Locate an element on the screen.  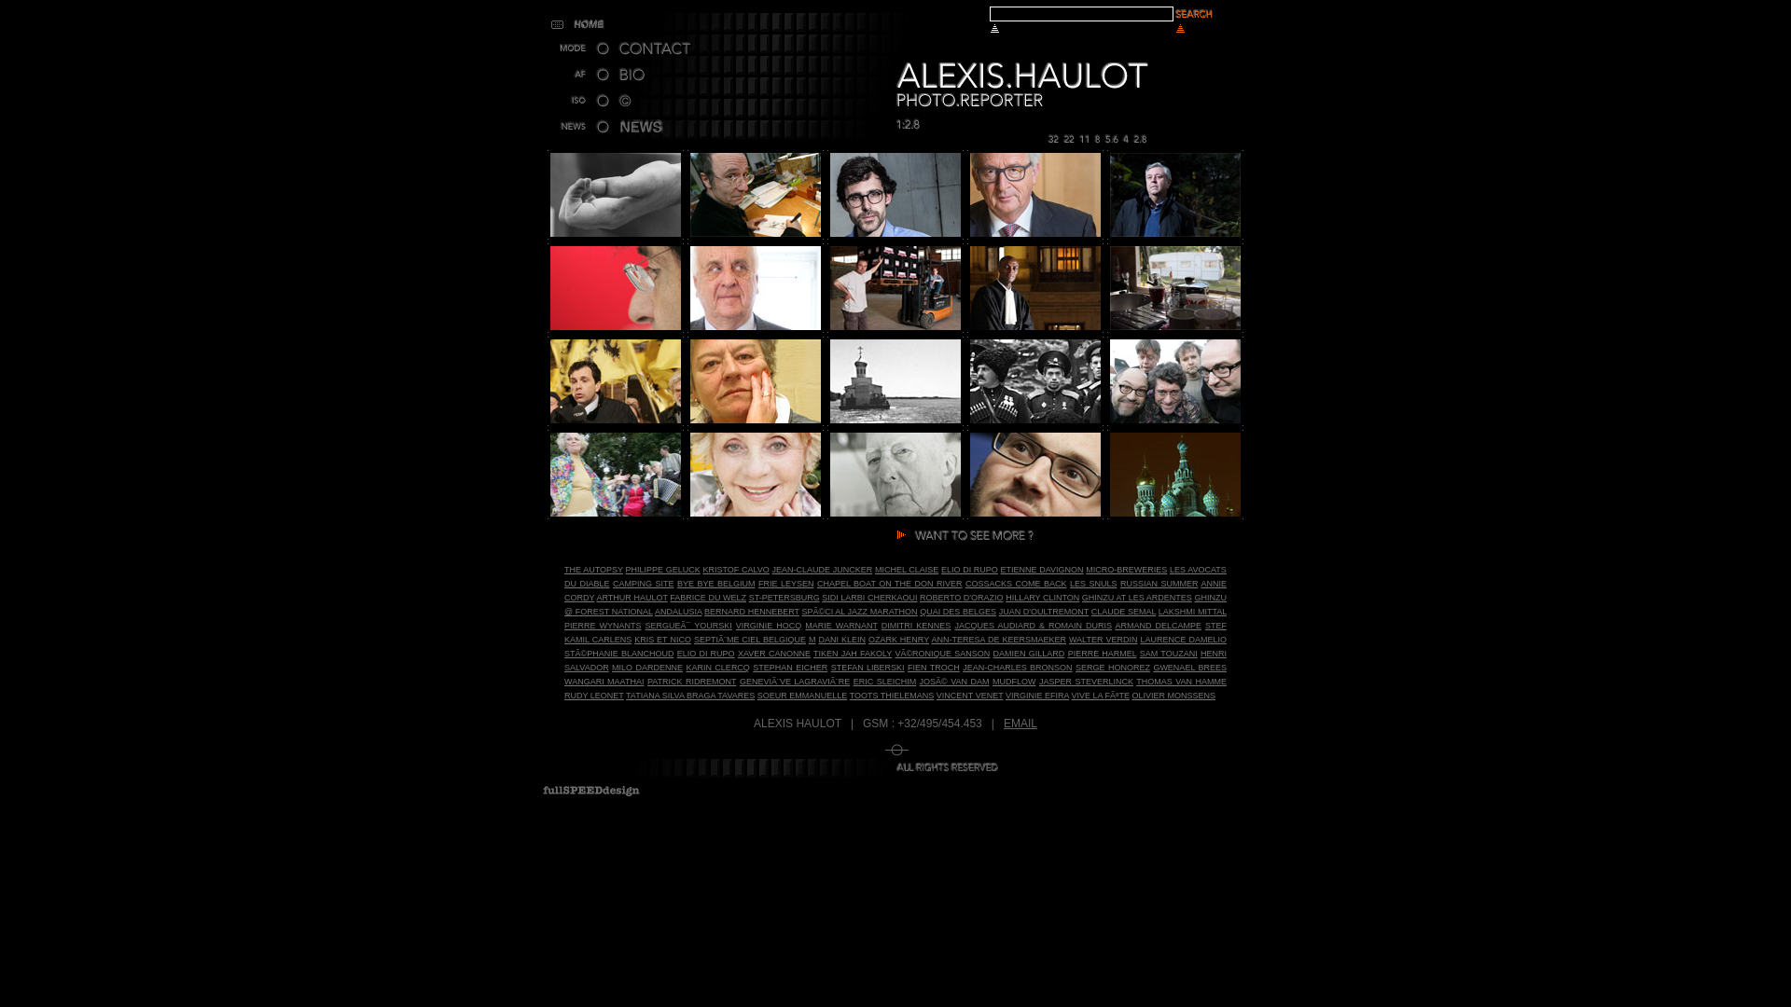
'FABRICE DU WELZ' is located at coordinates (706, 597).